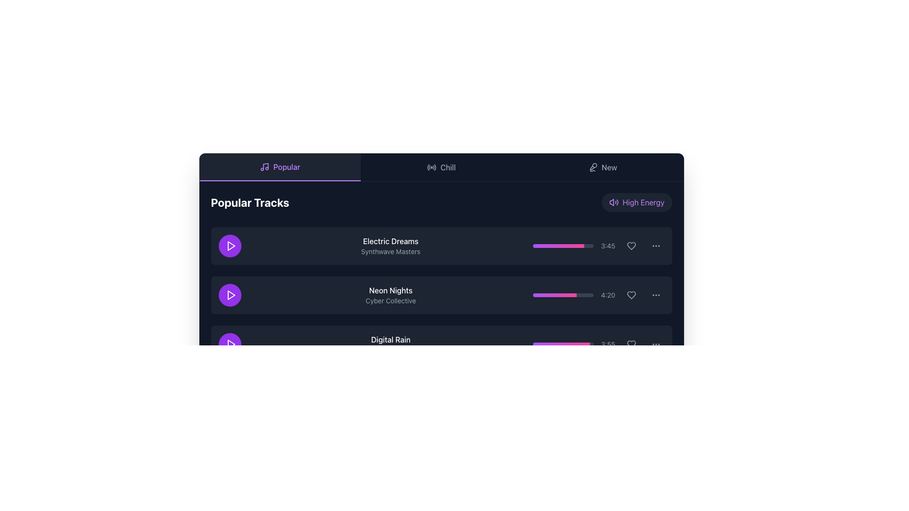  What do you see at coordinates (552, 295) in the screenshot?
I see `progress` at bounding box center [552, 295].